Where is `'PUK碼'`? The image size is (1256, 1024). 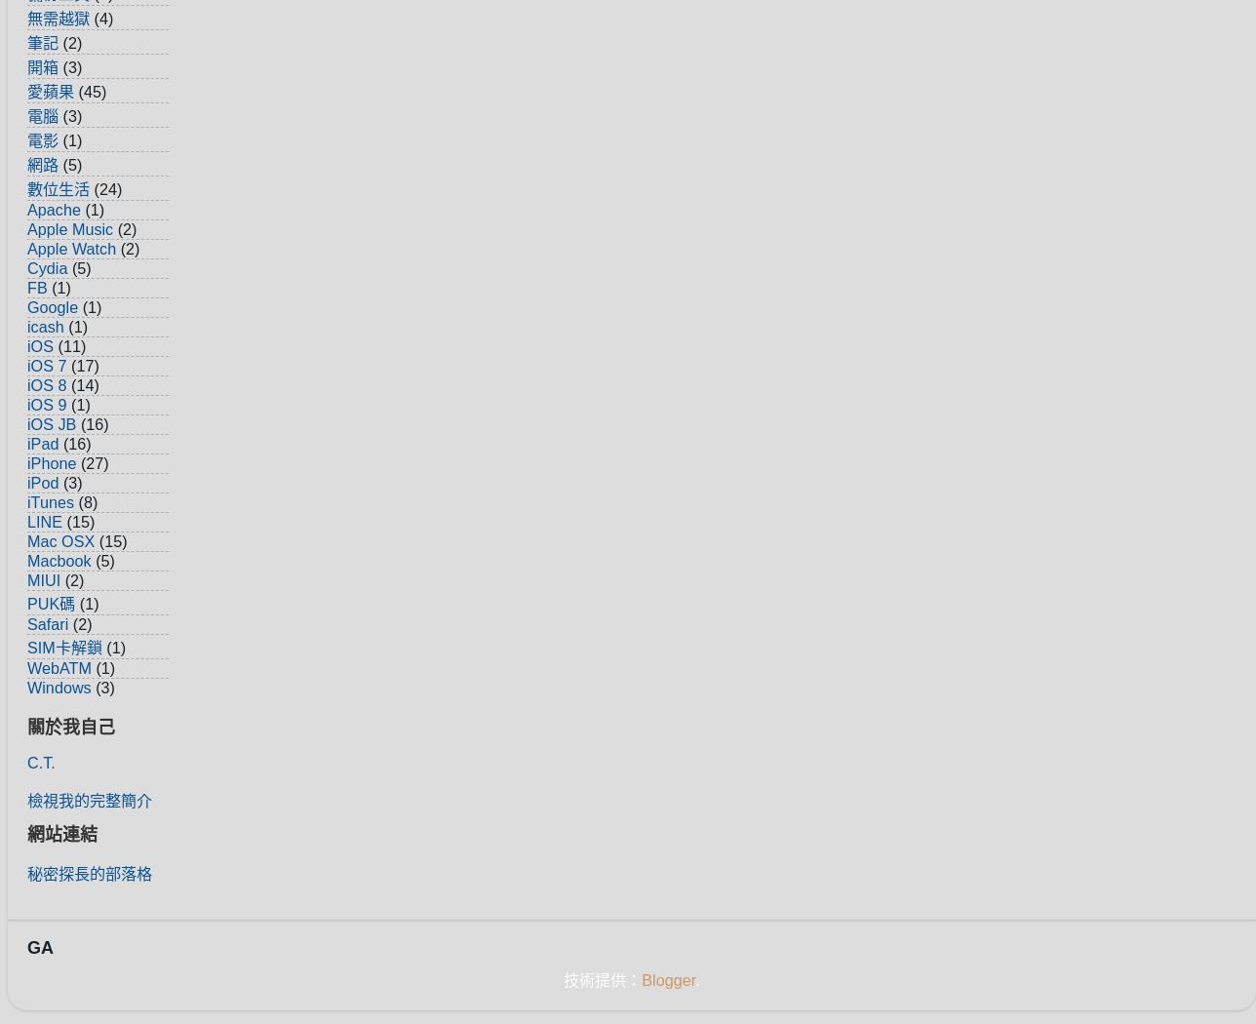
'PUK碼' is located at coordinates (51, 603).